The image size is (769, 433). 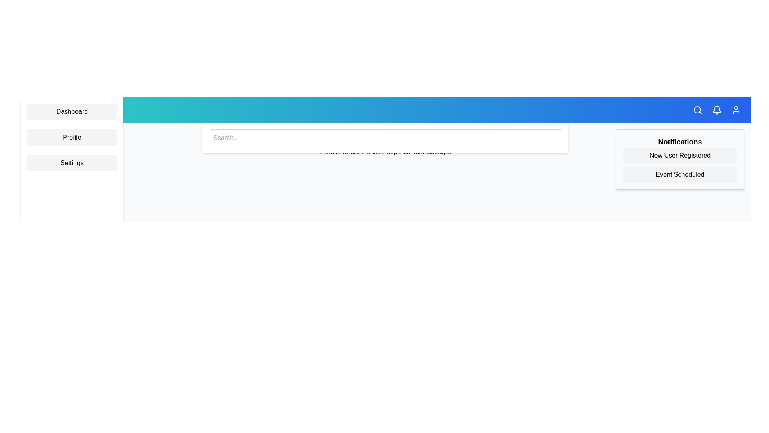 What do you see at coordinates (386, 152) in the screenshot?
I see `the static text element that serves as a description for the content section, positioned below the heading 'Content Area.'` at bounding box center [386, 152].